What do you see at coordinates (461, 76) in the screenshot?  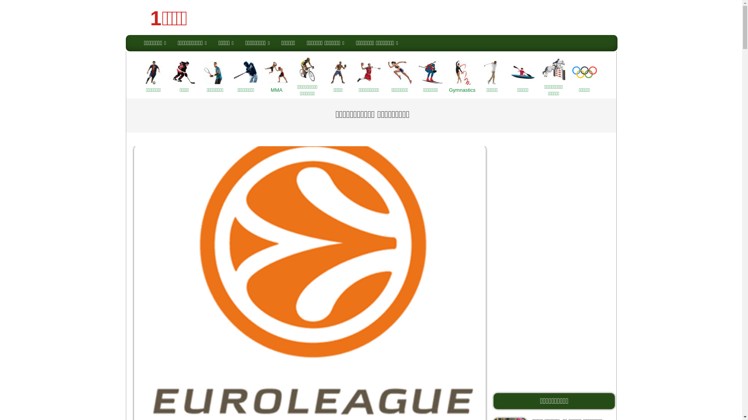 I see `'Gymnastics'` at bounding box center [461, 76].